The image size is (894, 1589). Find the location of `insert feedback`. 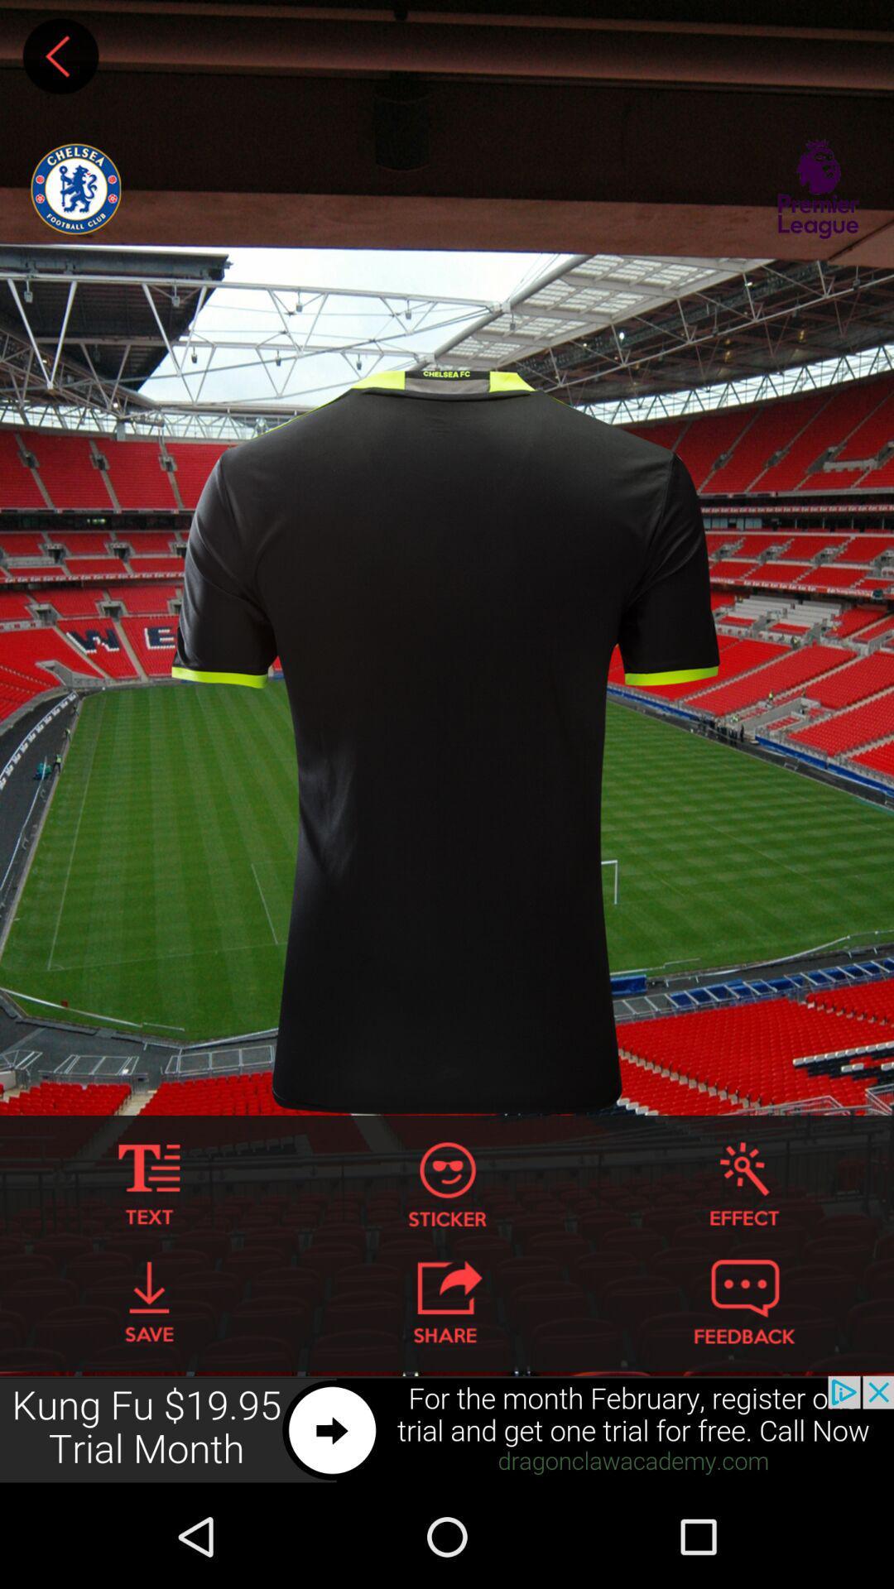

insert feedback is located at coordinates (743, 1301).